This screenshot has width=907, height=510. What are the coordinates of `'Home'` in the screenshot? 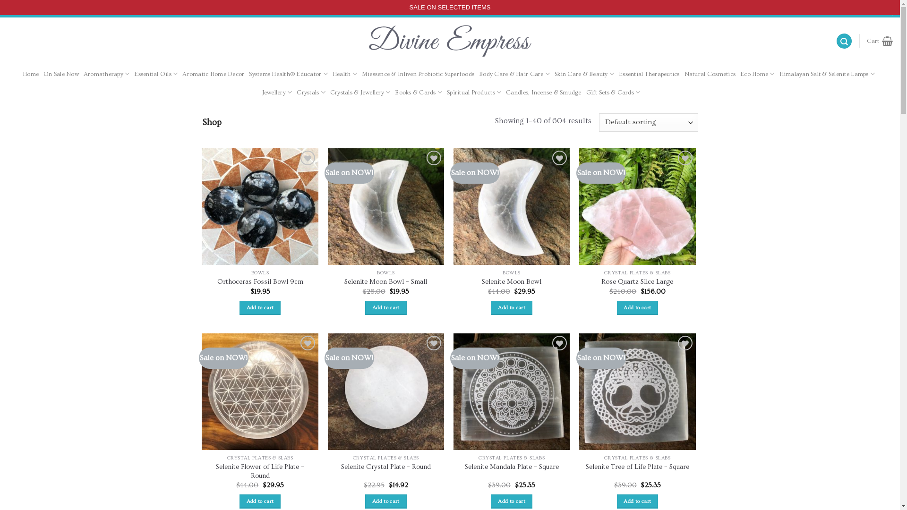 It's located at (31, 74).